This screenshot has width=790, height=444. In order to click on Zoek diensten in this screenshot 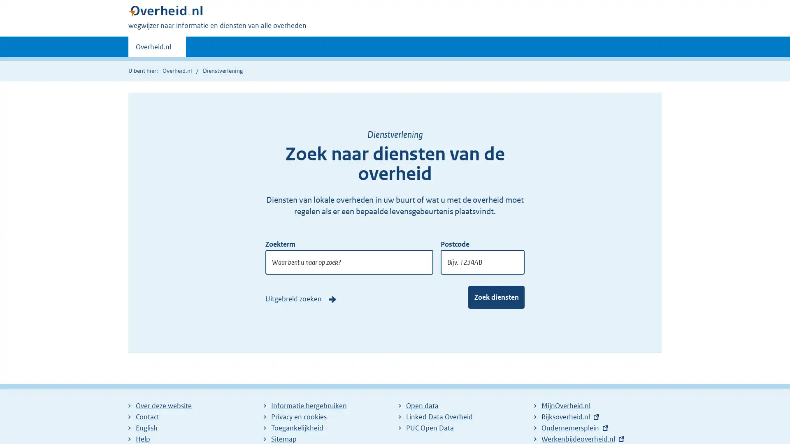, I will do `click(496, 296)`.